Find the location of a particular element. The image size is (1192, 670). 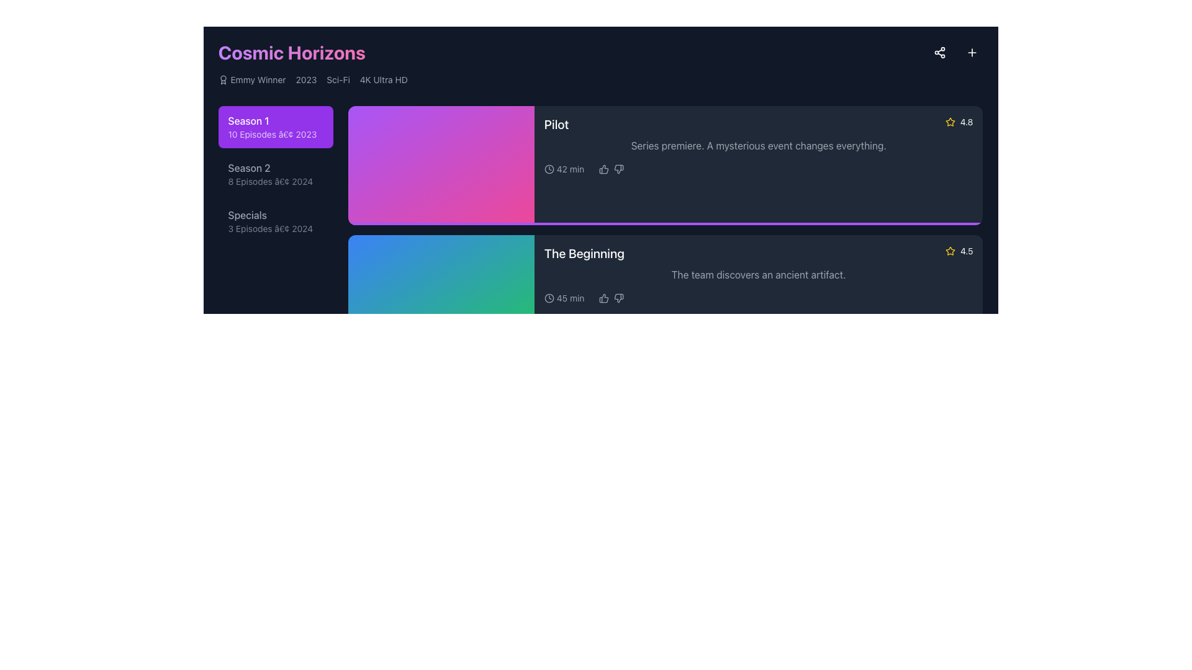

the badge icon representing the 'Emmy Winner' achievement, located at the top section of the interface, adjacent to the text 'Emmy Winner' is located at coordinates (223, 79).